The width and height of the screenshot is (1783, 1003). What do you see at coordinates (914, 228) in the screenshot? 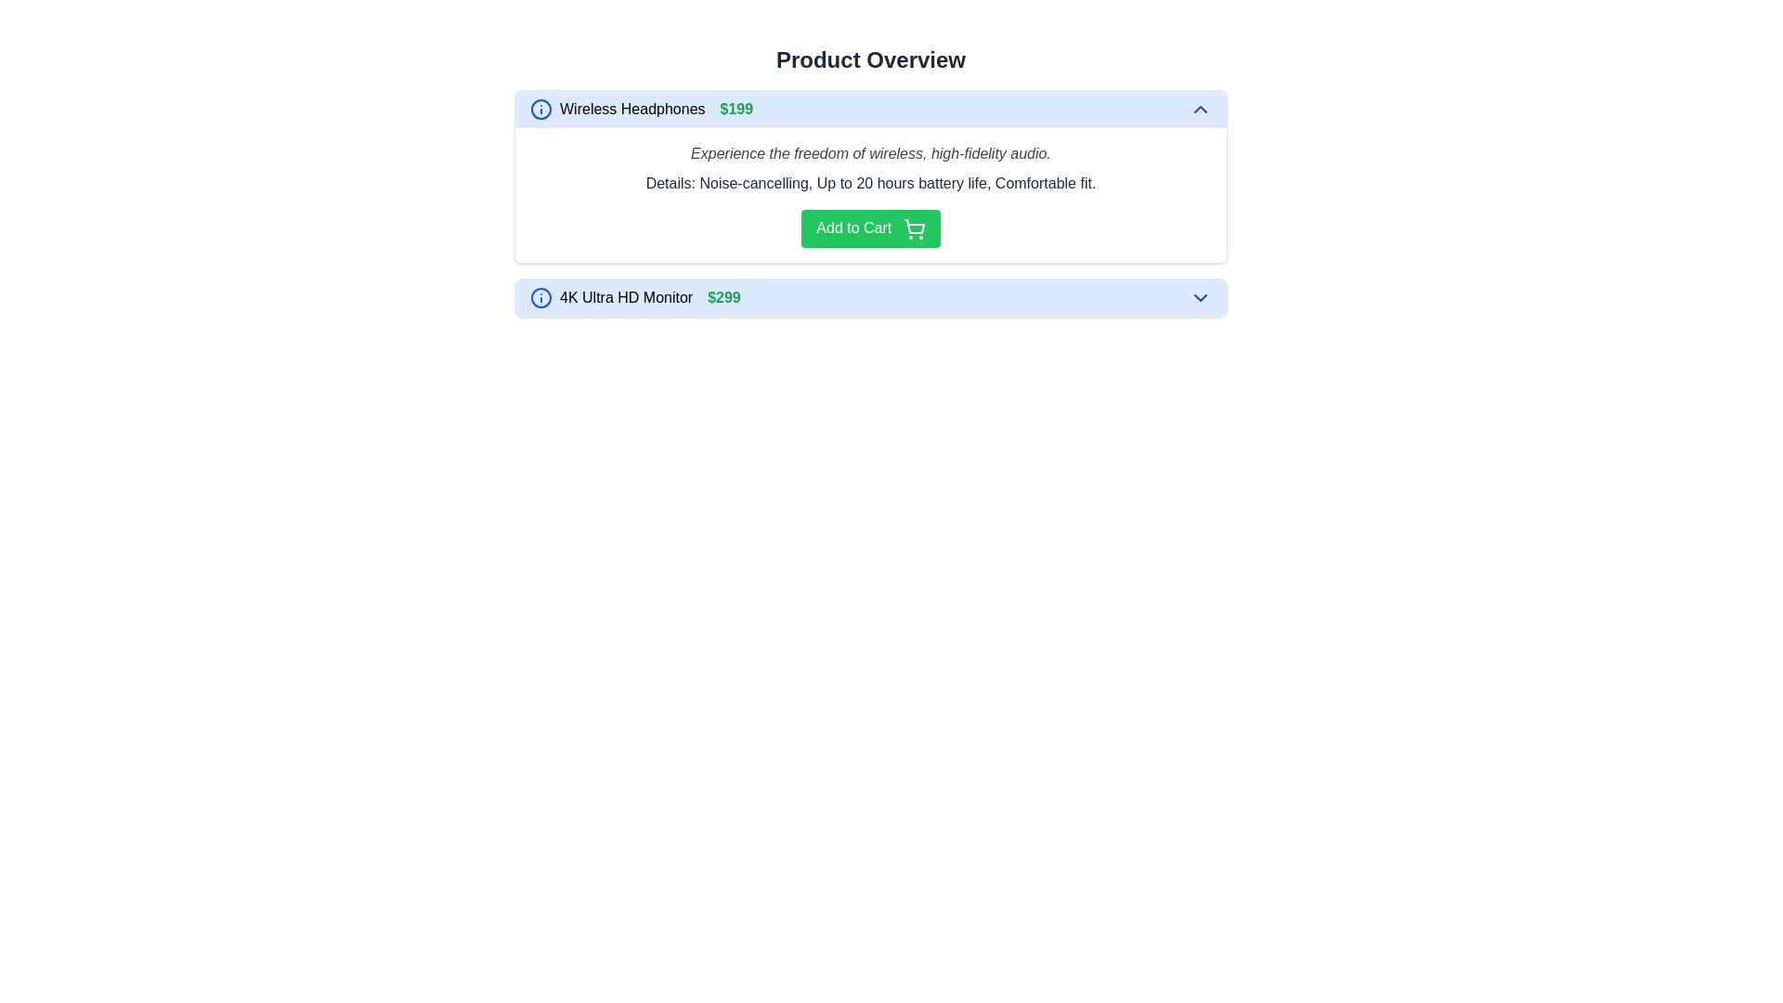
I see `the shopping cart icon located centrally within the 'Add to Cart' button for 'Wireless Headphones', aligned to the right of the button's label text` at bounding box center [914, 228].